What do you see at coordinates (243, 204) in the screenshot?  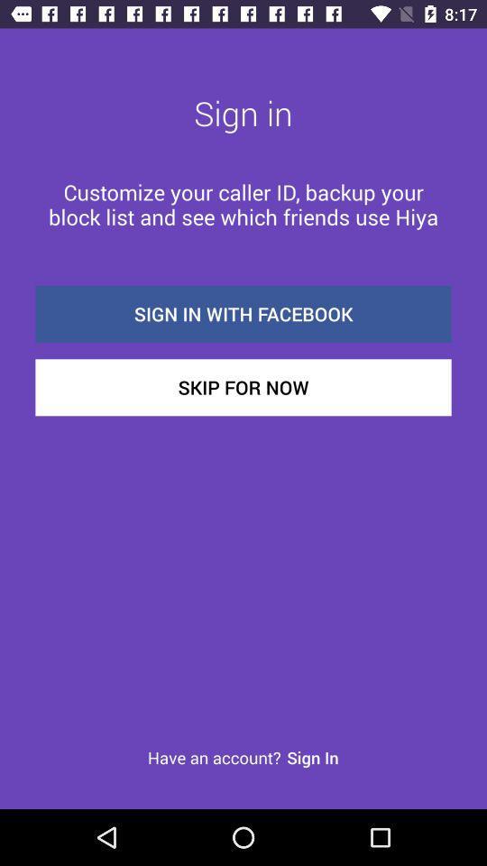 I see `the customize your caller` at bounding box center [243, 204].